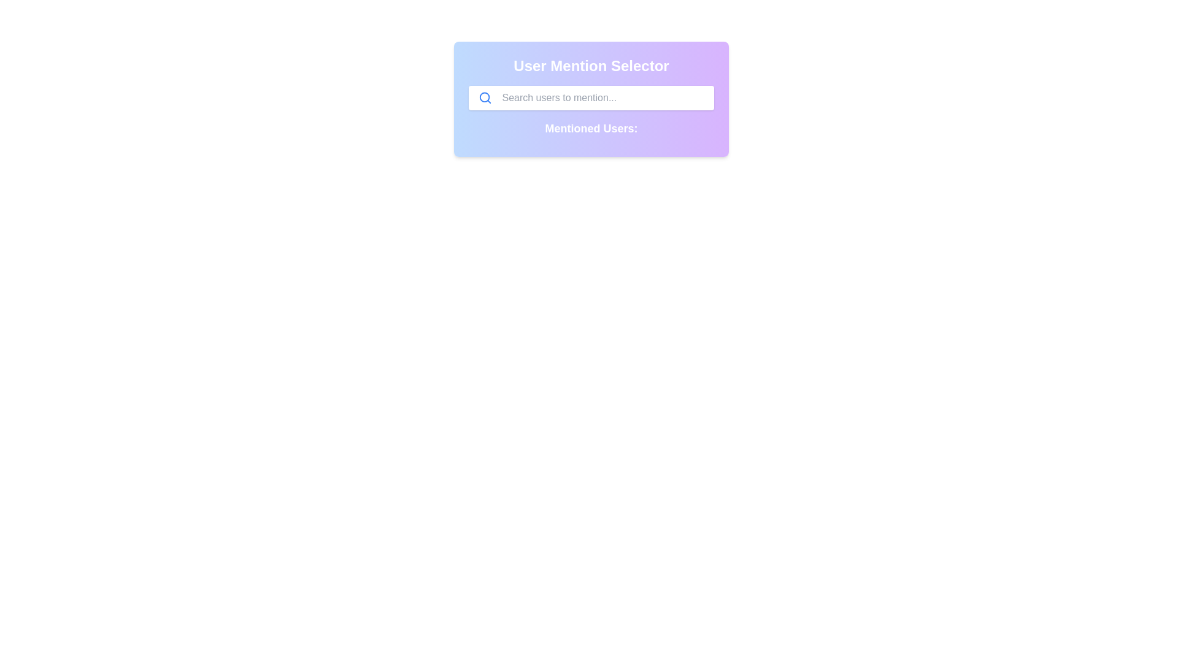 The height and width of the screenshot is (662, 1178). I want to click on label indicating the section for displayed users, positioned centrally below the 'Search users to mention...' input field in the 'User Mention Selector', so click(591, 131).